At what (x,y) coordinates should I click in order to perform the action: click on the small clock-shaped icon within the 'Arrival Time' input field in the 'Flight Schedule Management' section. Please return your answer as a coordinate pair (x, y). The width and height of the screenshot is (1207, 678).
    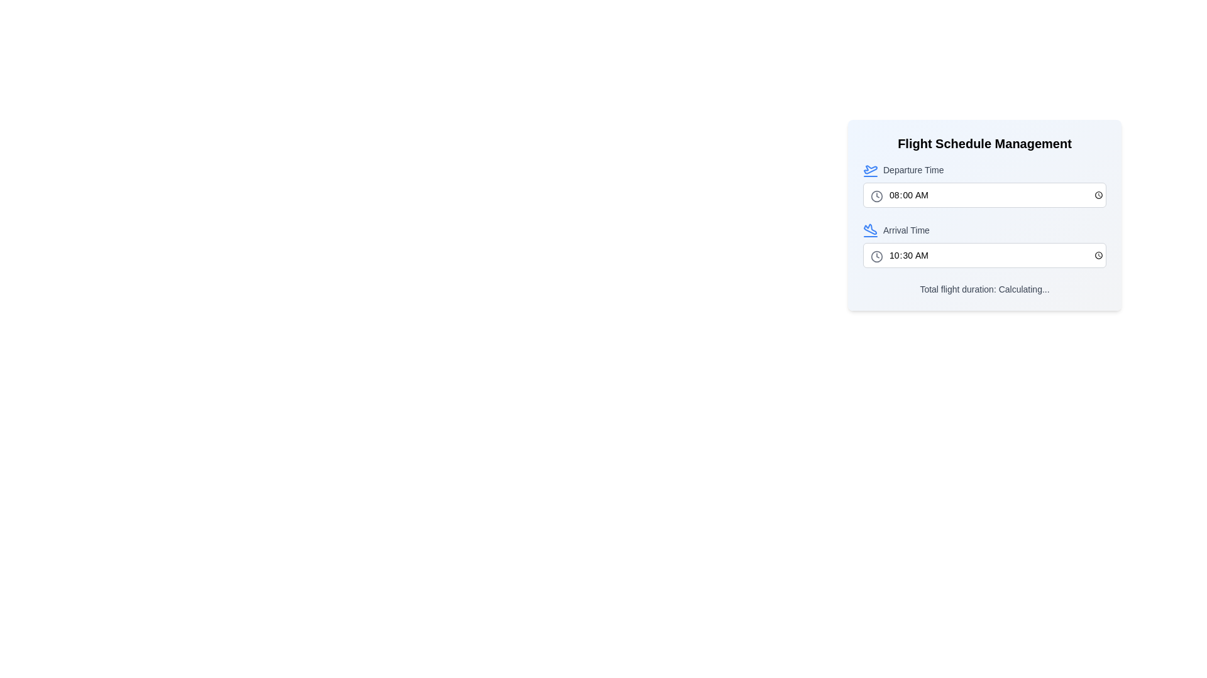
    Looking at the image, I should click on (876, 256).